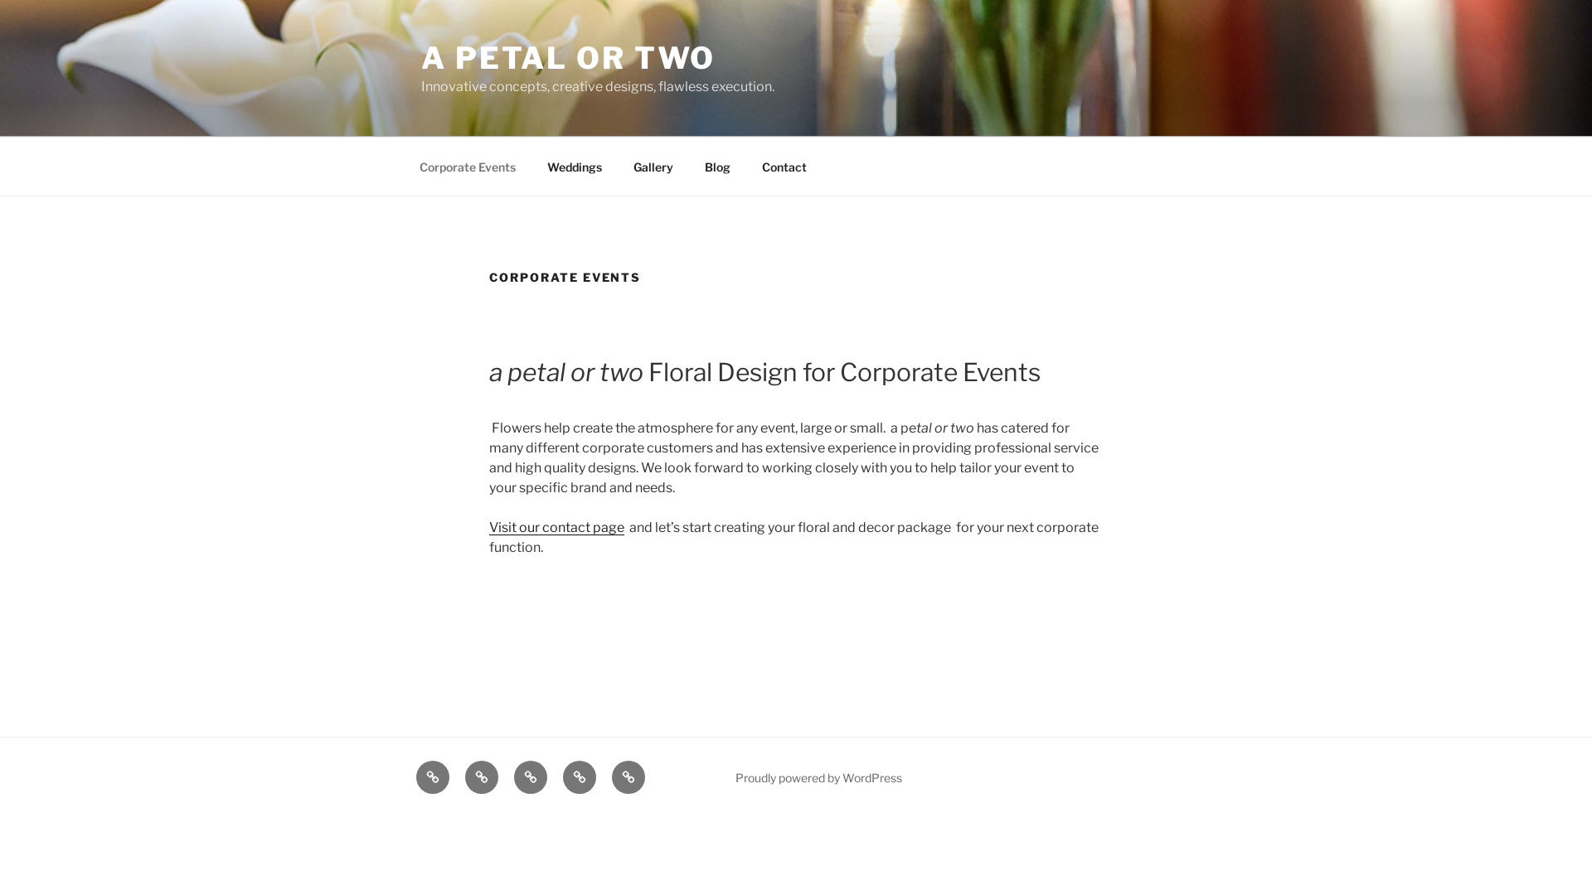  I want to click on 'Blog', so click(716, 166).